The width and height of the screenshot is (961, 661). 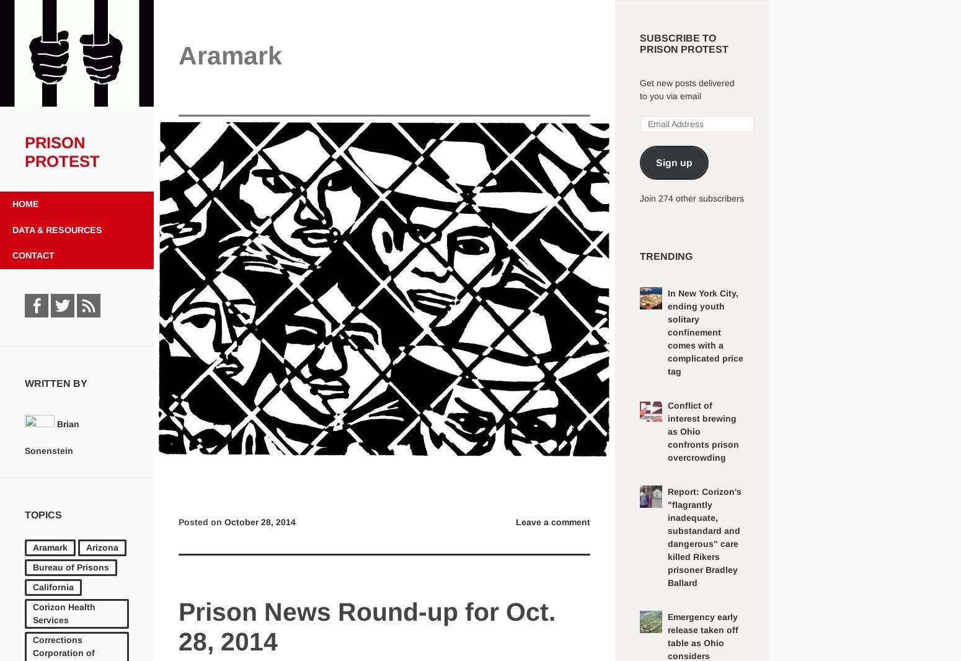 I want to click on 'Prison Protest', so click(x=24, y=151).